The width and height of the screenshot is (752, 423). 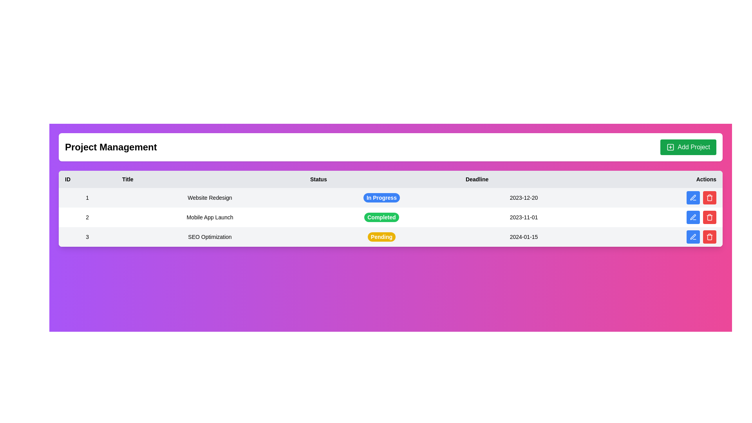 I want to click on text content from the date element located in the fourth cell of the first row in the 'Deadline' column of the table, so click(x=524, y=197).